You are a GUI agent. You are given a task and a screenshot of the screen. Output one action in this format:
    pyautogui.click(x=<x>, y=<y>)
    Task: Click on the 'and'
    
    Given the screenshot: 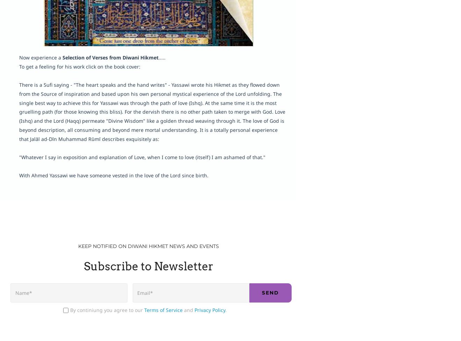 What is the action you would take?
    pyautogui.click(x=189, y=310)
    